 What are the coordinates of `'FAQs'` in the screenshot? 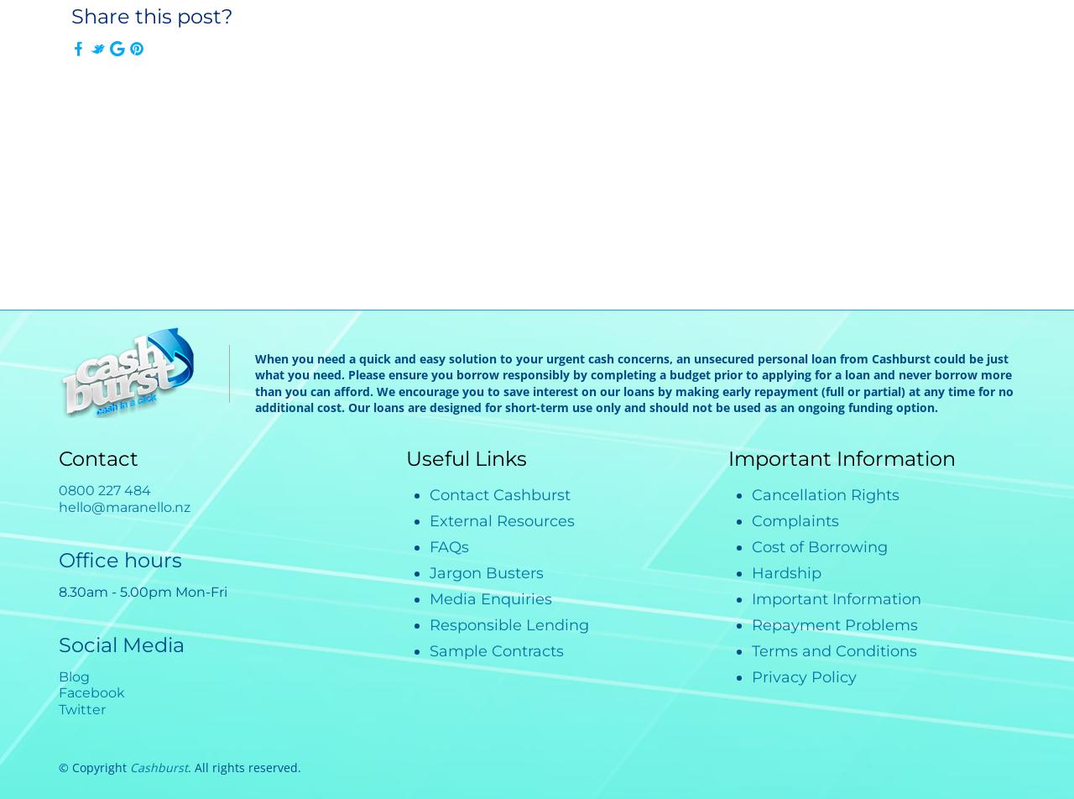 It's located at (449, 547).